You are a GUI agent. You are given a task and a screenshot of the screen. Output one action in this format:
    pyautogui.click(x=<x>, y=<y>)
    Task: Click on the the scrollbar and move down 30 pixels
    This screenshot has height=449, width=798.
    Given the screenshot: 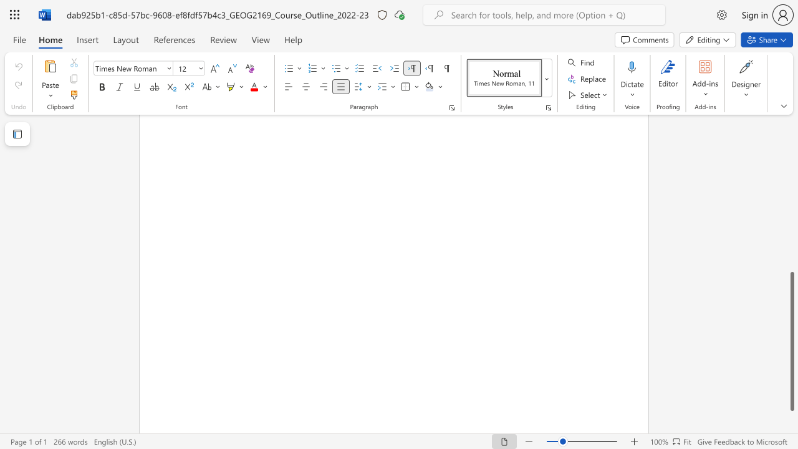 What is the action you would take?
    pyautogui.click(x=791, y=341)
    